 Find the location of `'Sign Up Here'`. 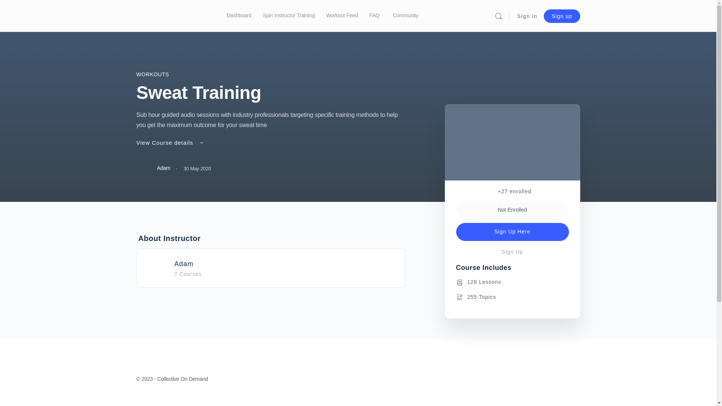

'Sign Up Here' is located at coordinates (512, 232).